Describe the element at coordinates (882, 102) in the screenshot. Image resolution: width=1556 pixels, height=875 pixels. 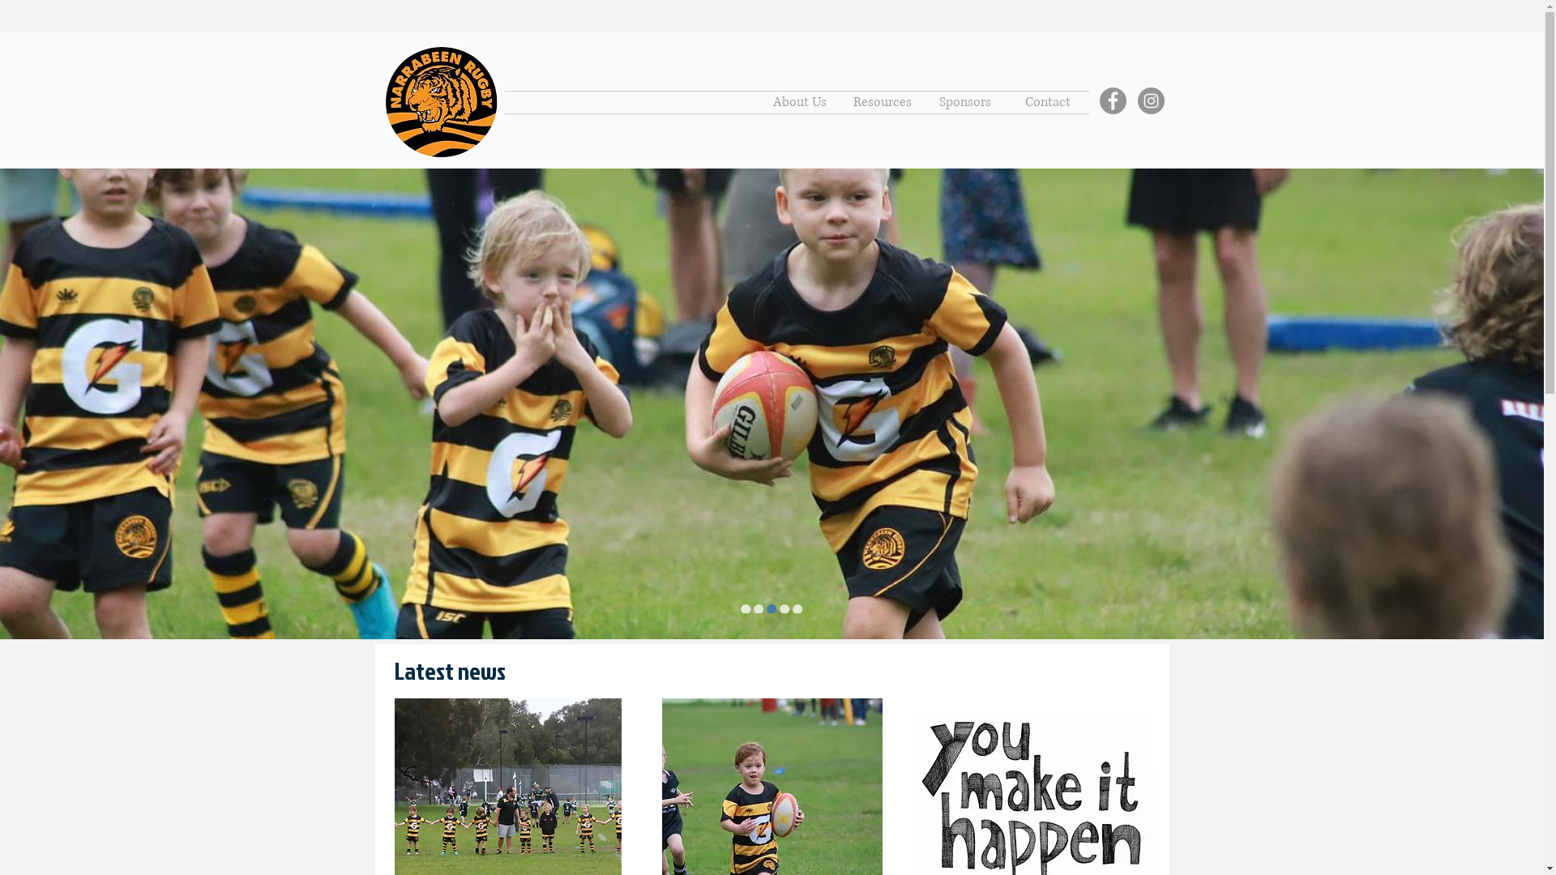
I see `'Resources'` at that location.